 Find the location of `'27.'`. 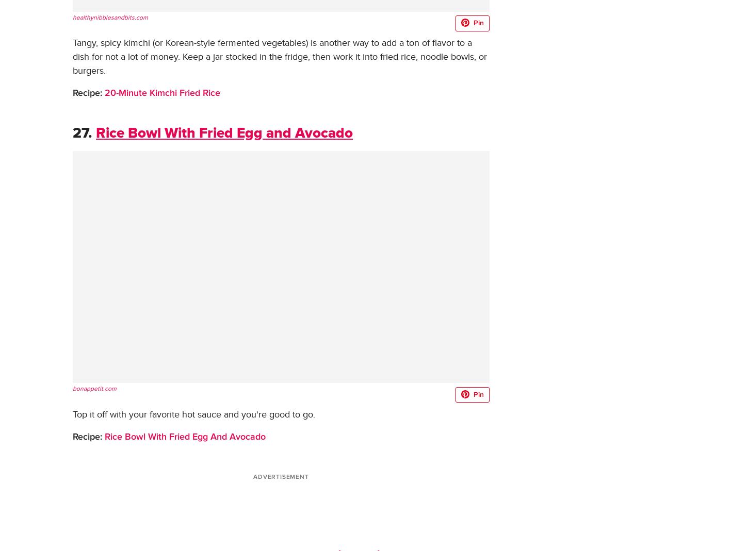

'27.' is located at coordinates (82, 133).